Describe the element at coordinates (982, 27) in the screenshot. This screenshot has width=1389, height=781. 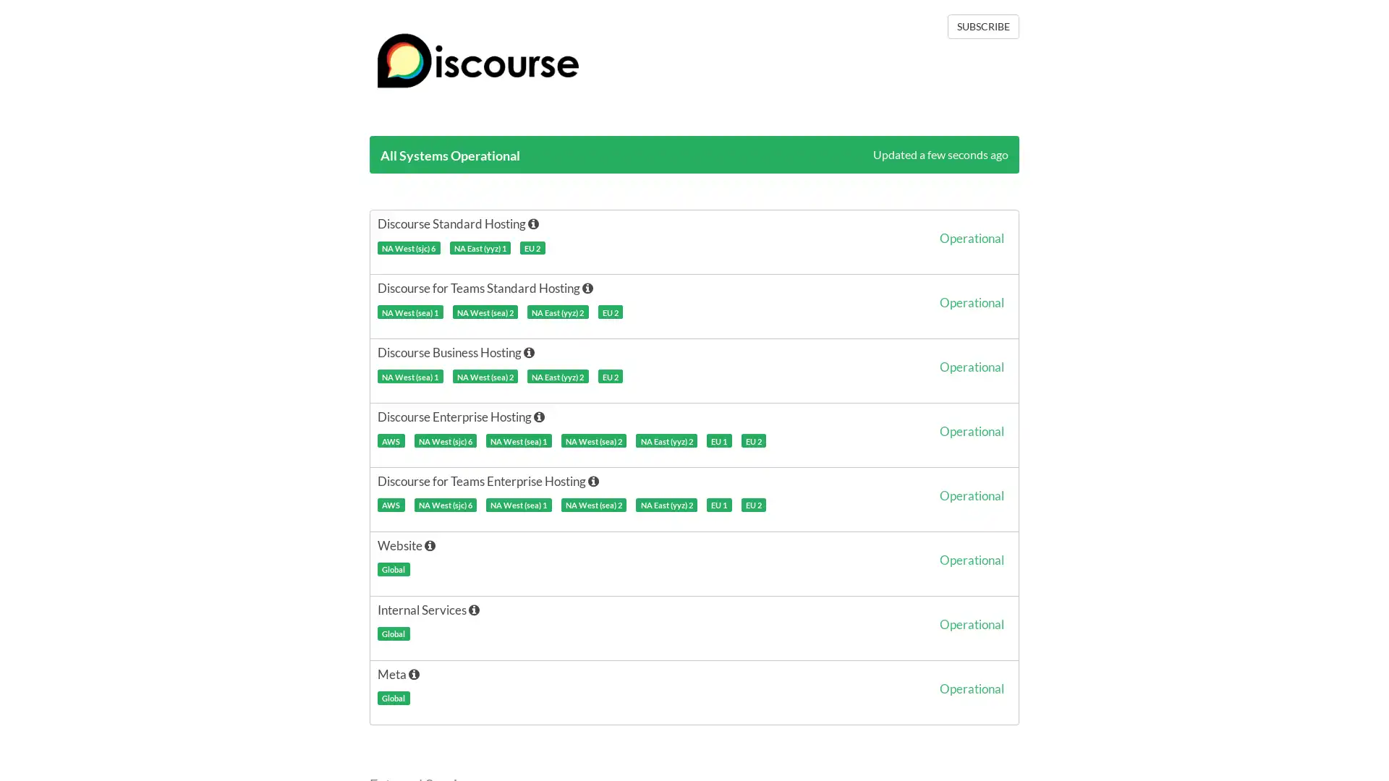
I see `SUBSCRIBE` at that location.